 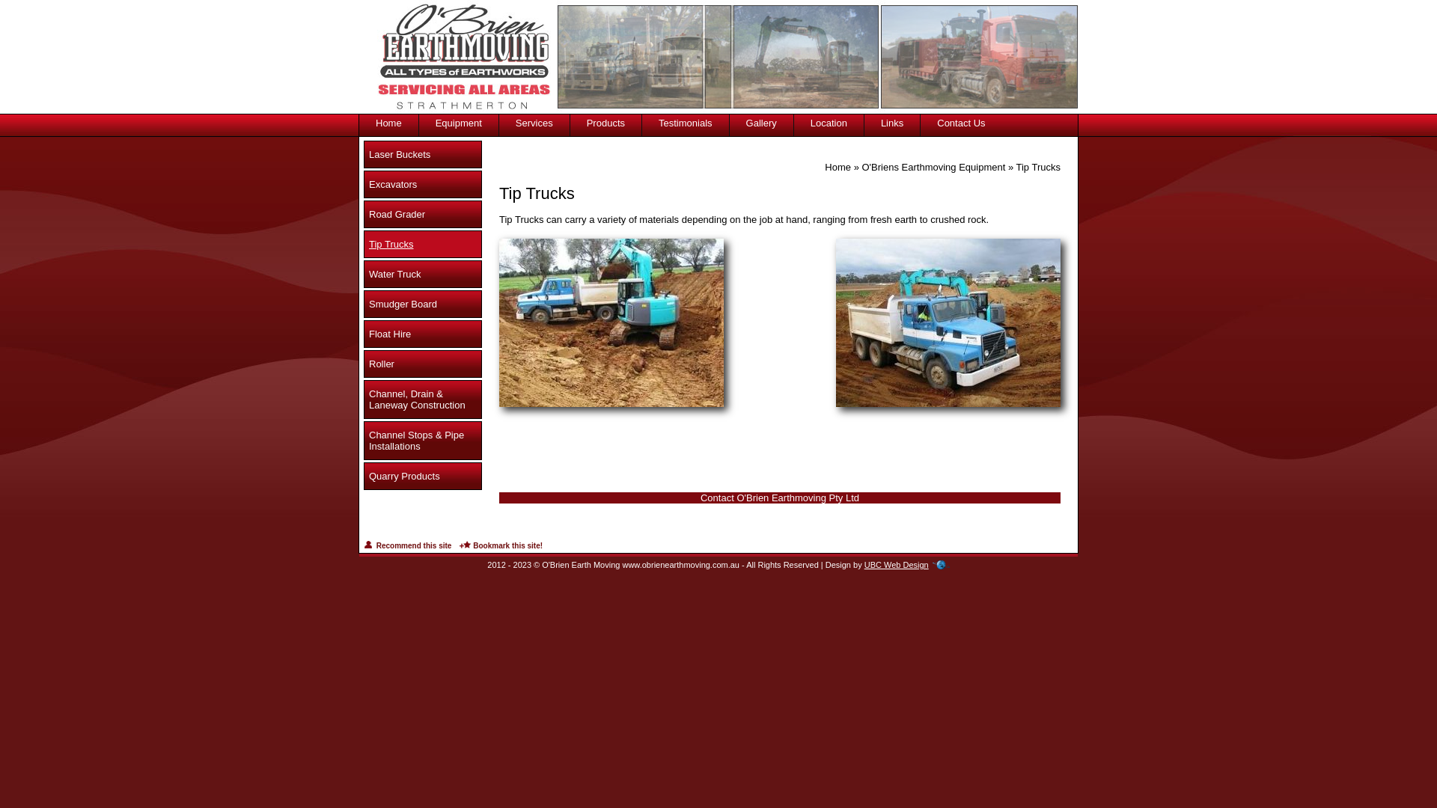 What do you see at coordinates (459, 545) in the screenshot?
I see `'Bookmark this site!'` at bounding box center [459, 545].